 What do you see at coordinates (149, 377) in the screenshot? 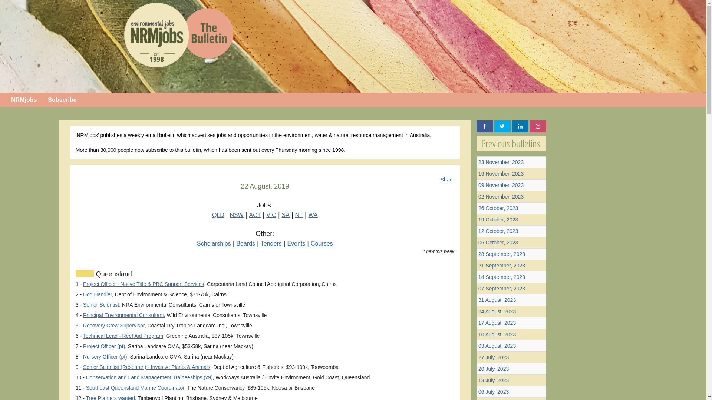
I see `'Conservation and Land Management Traineeships (x9)'` at bounding box center [149, 377].